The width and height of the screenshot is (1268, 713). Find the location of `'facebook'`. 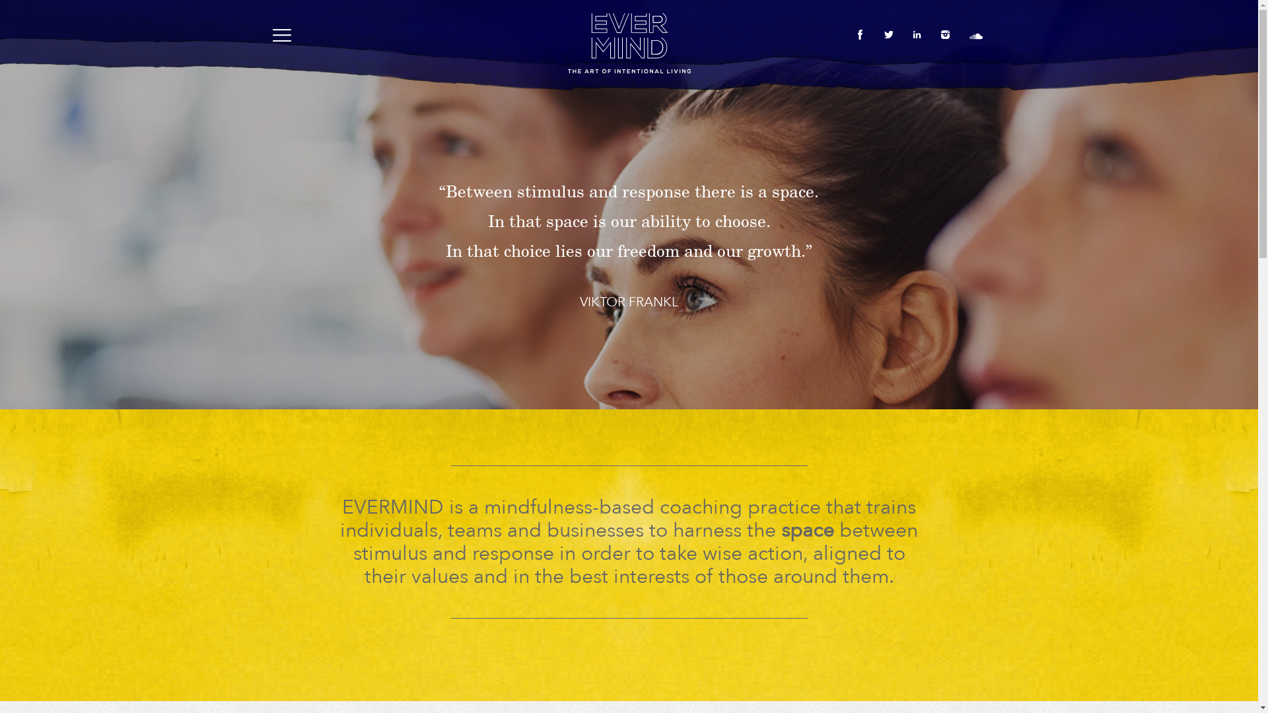

'facebook' is located at coordinates (856, 34).